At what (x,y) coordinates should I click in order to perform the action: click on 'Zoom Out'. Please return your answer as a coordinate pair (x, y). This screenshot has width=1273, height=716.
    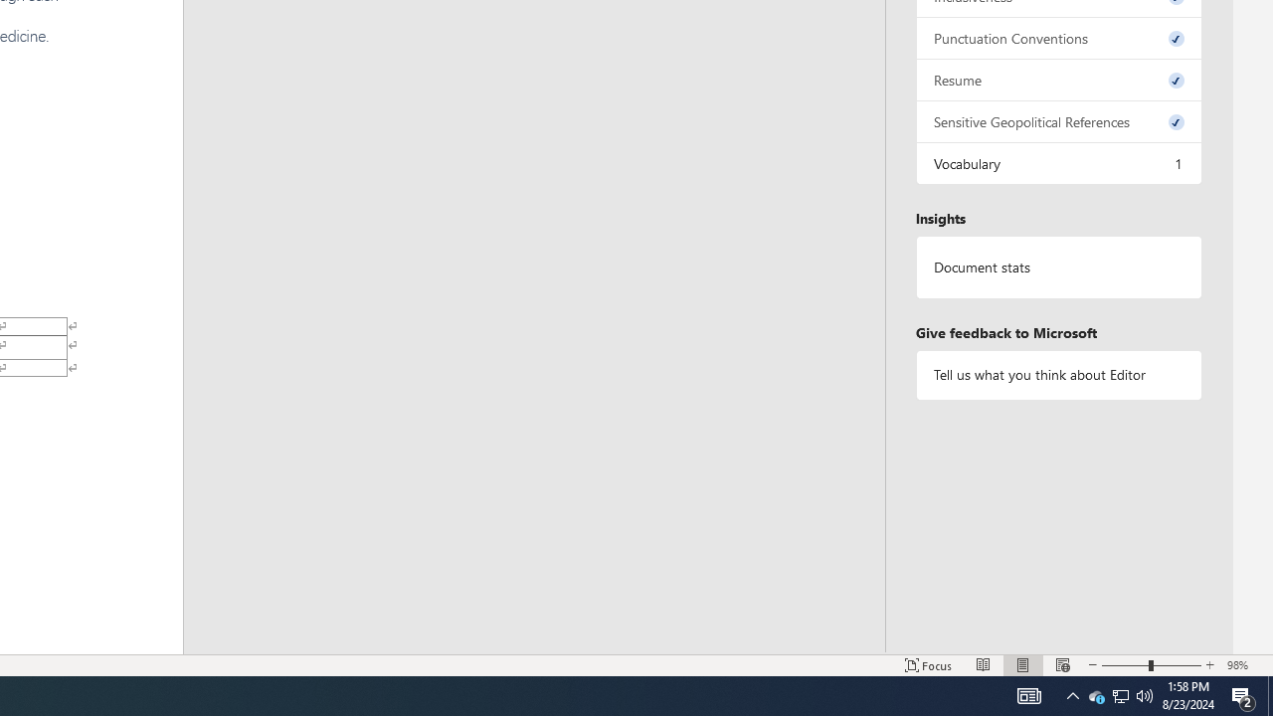
    Looking at the image, I should click on (1125, 665).